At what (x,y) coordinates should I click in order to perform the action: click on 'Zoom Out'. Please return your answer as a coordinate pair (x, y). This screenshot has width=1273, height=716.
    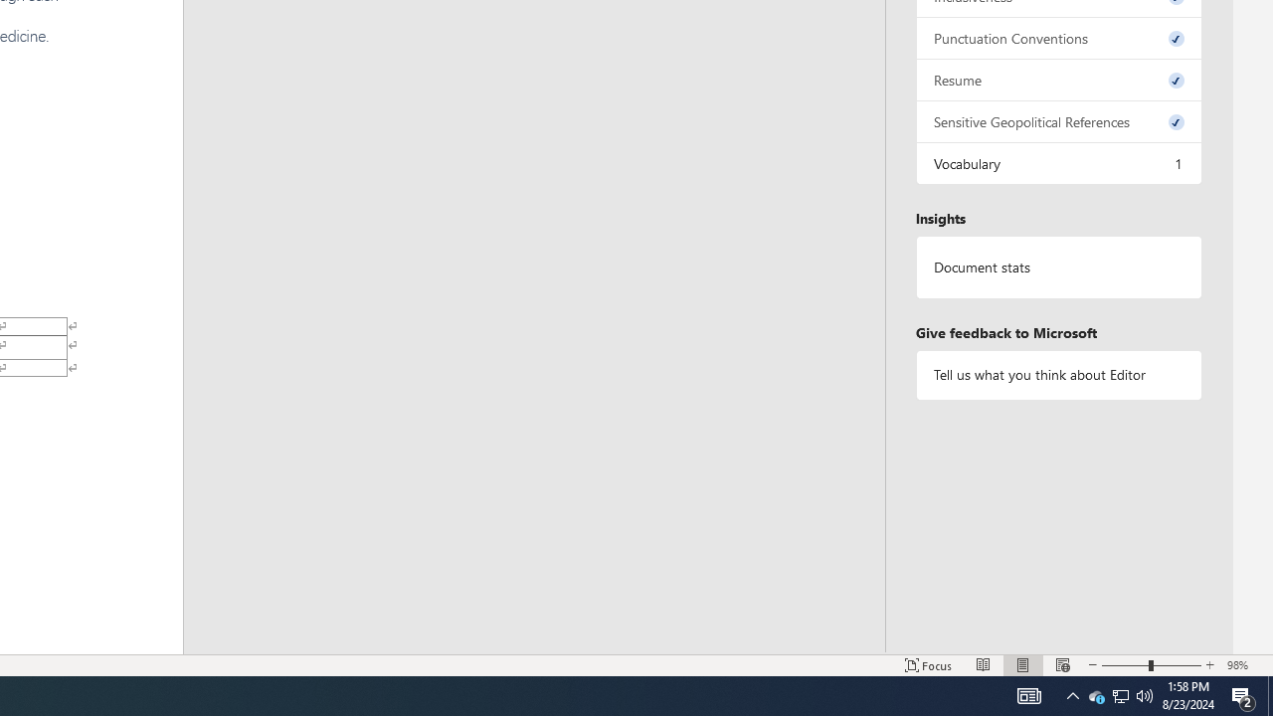
    Looking at the image, I should click on (1125, 665).